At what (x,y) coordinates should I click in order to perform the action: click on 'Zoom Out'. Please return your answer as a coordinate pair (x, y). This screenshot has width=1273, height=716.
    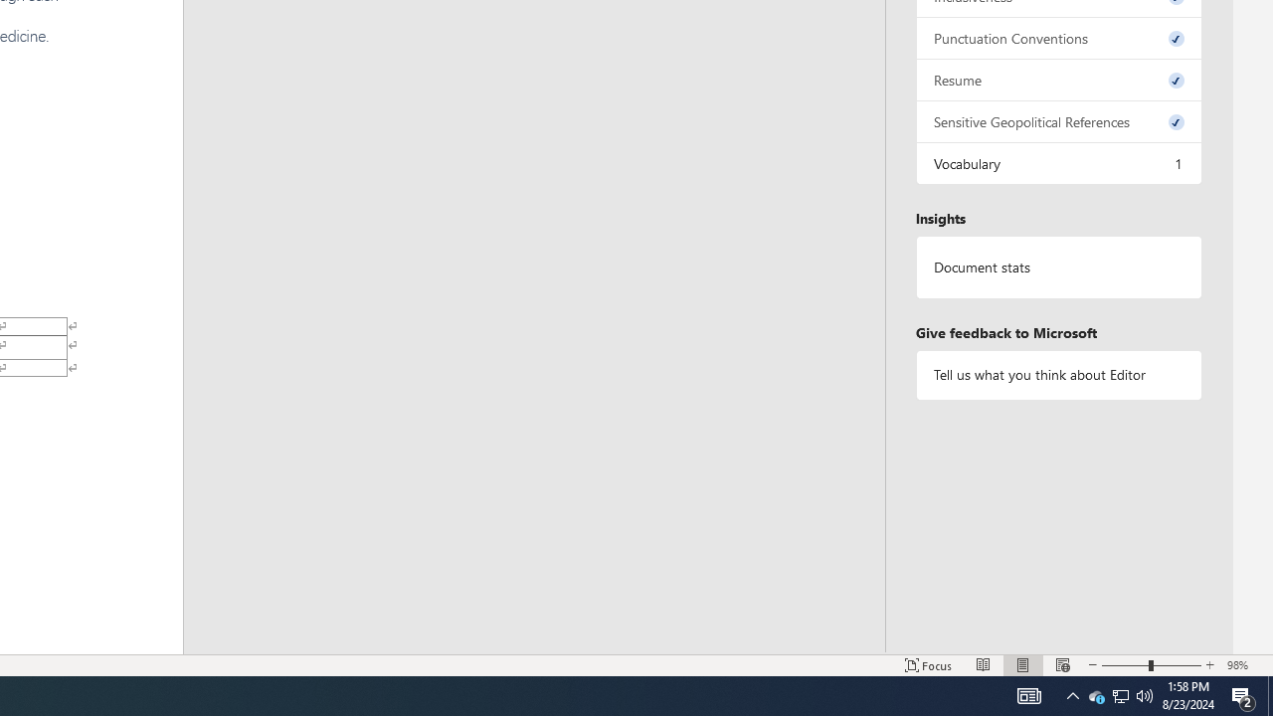
    Looking at the image, I should click on (1125, 665).